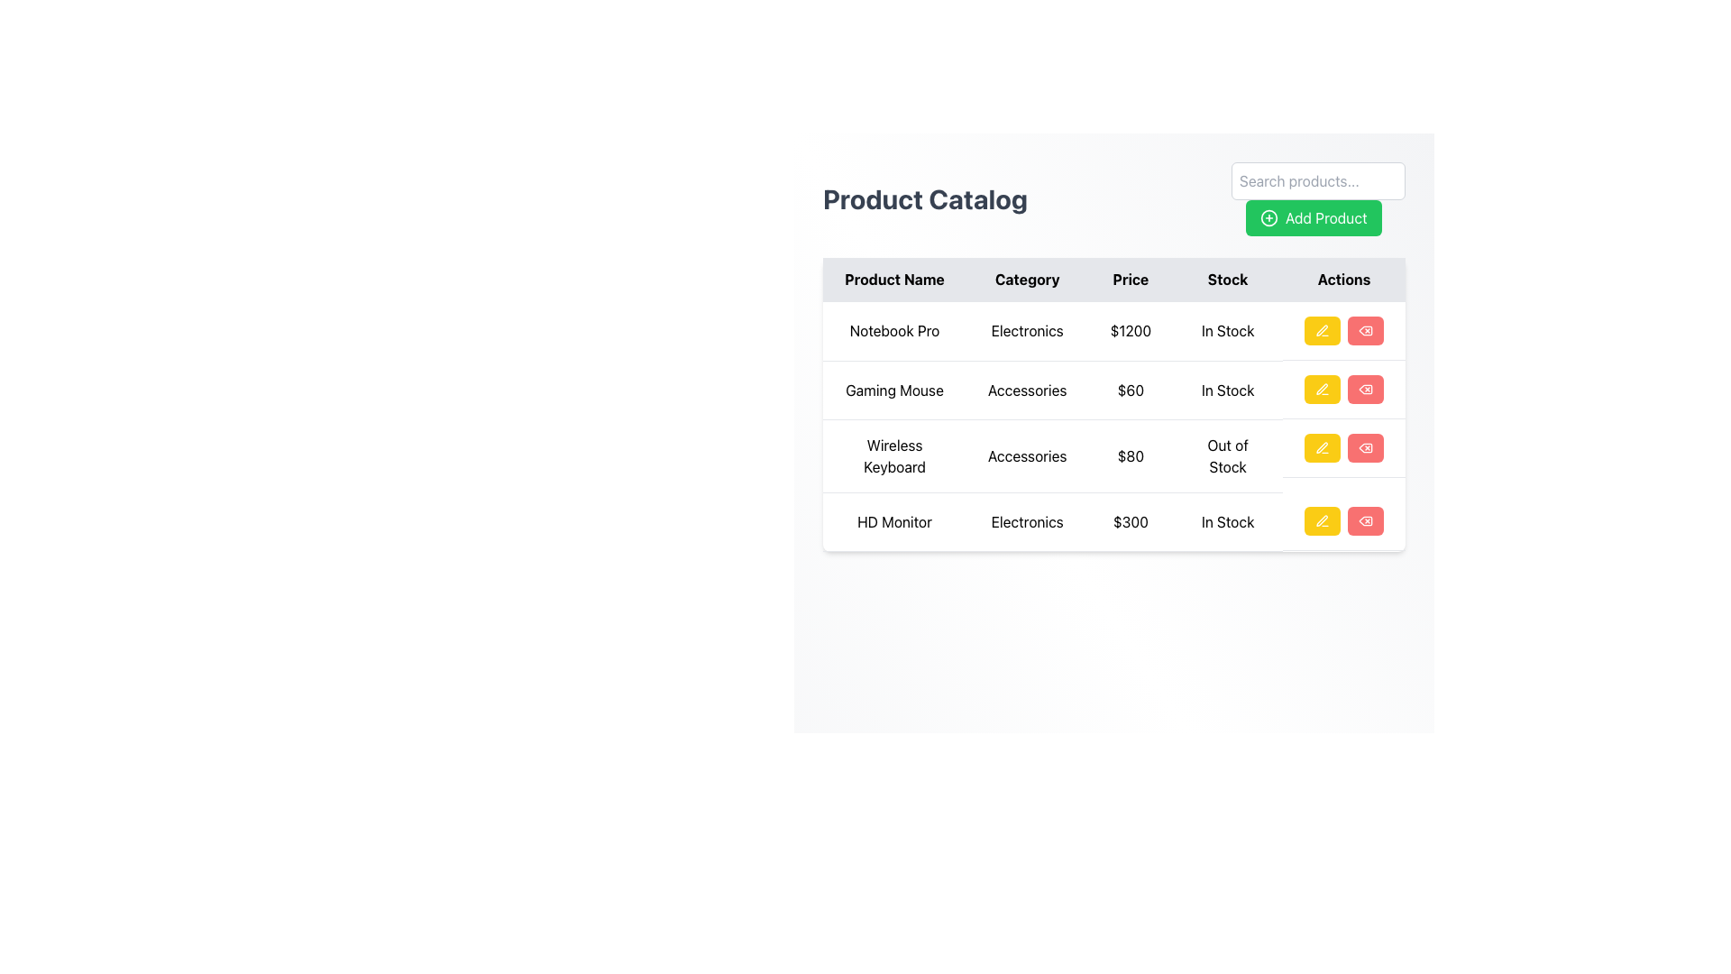  I want to click on the 'Price' text field for the 'Gaming Mouse', so click(1113, 402).